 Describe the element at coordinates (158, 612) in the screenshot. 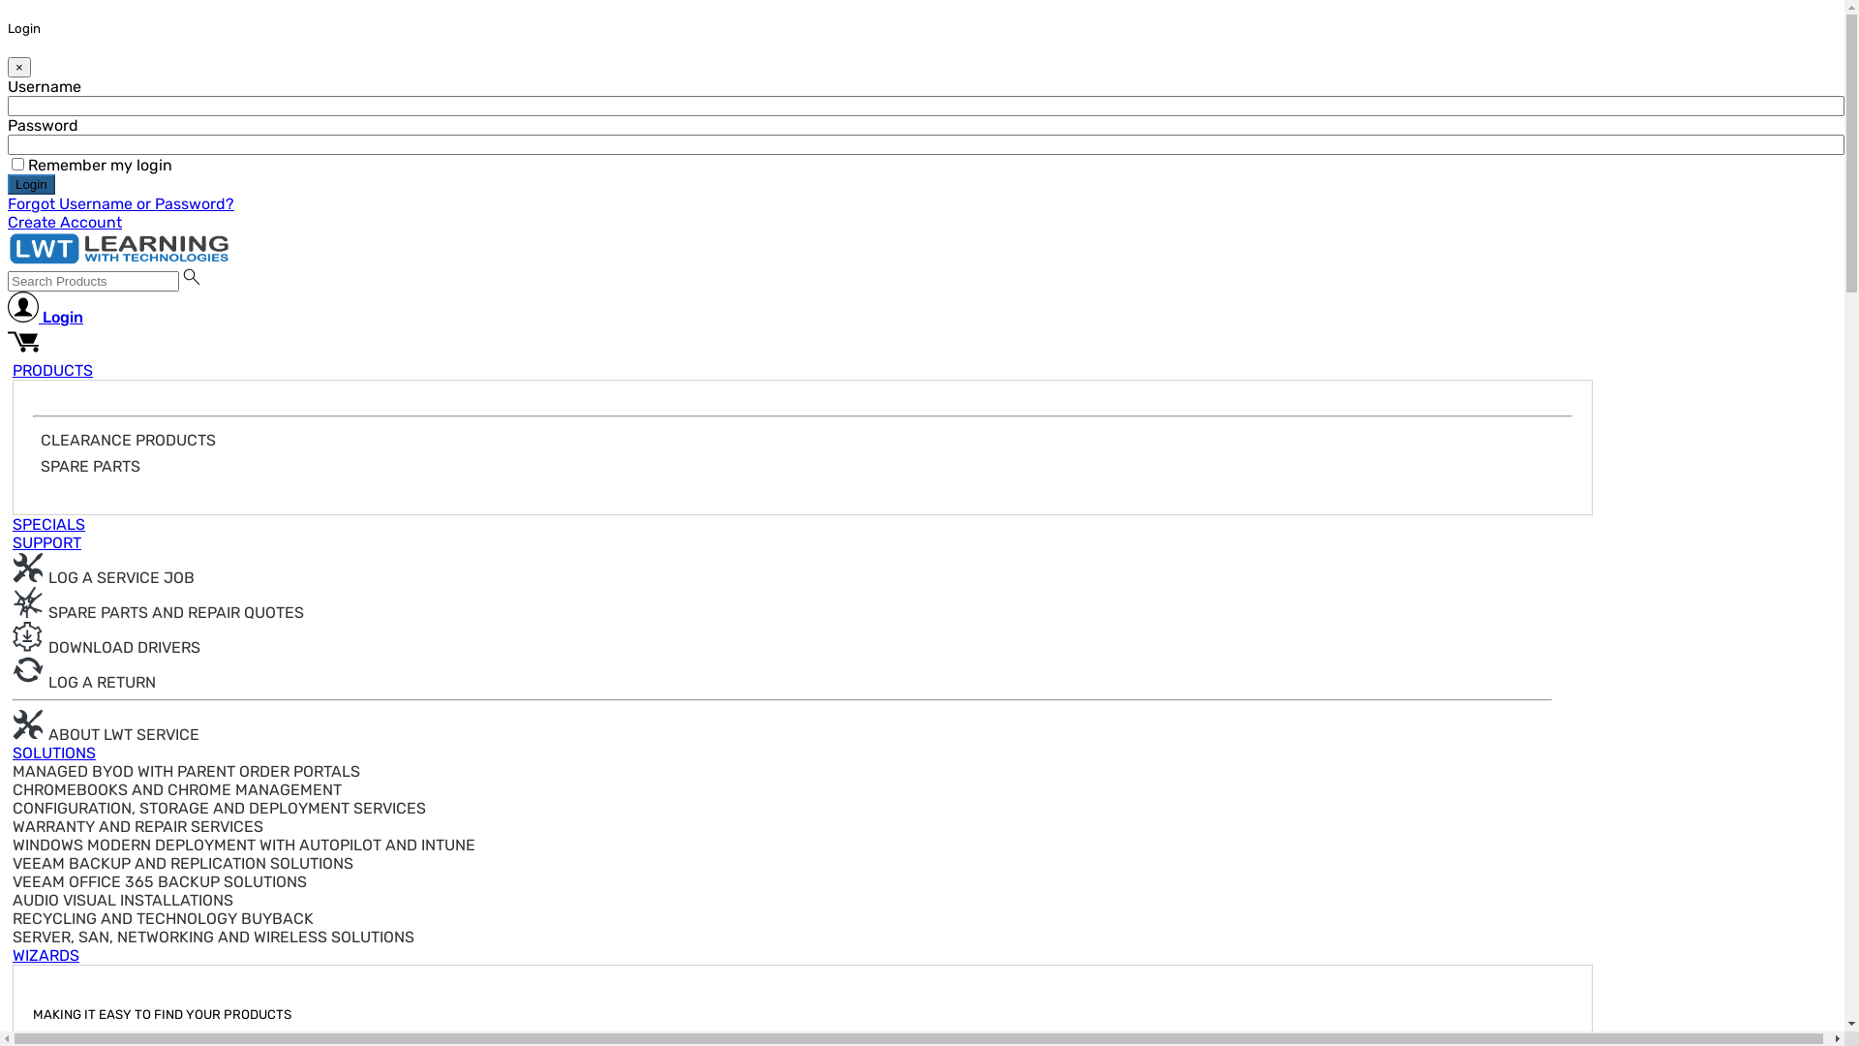

I see `'SPARE PARTS AND REPAIR QUOTES'` at that location.